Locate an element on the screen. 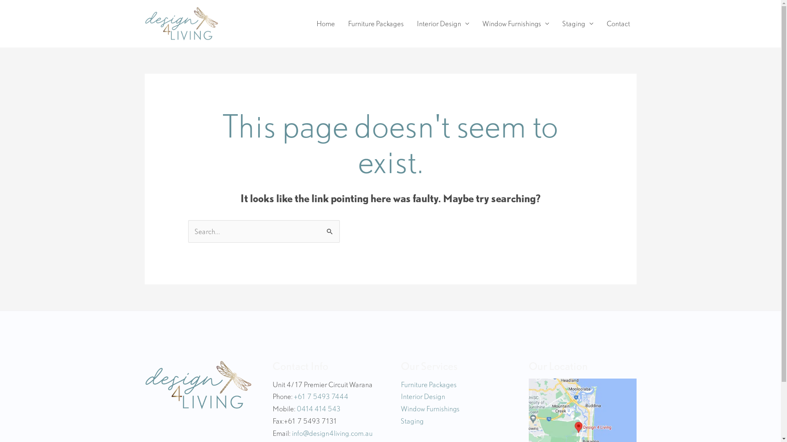 The height and width of the screenshot is (442, 787). 'Home' is located at coordinates (309, 23).